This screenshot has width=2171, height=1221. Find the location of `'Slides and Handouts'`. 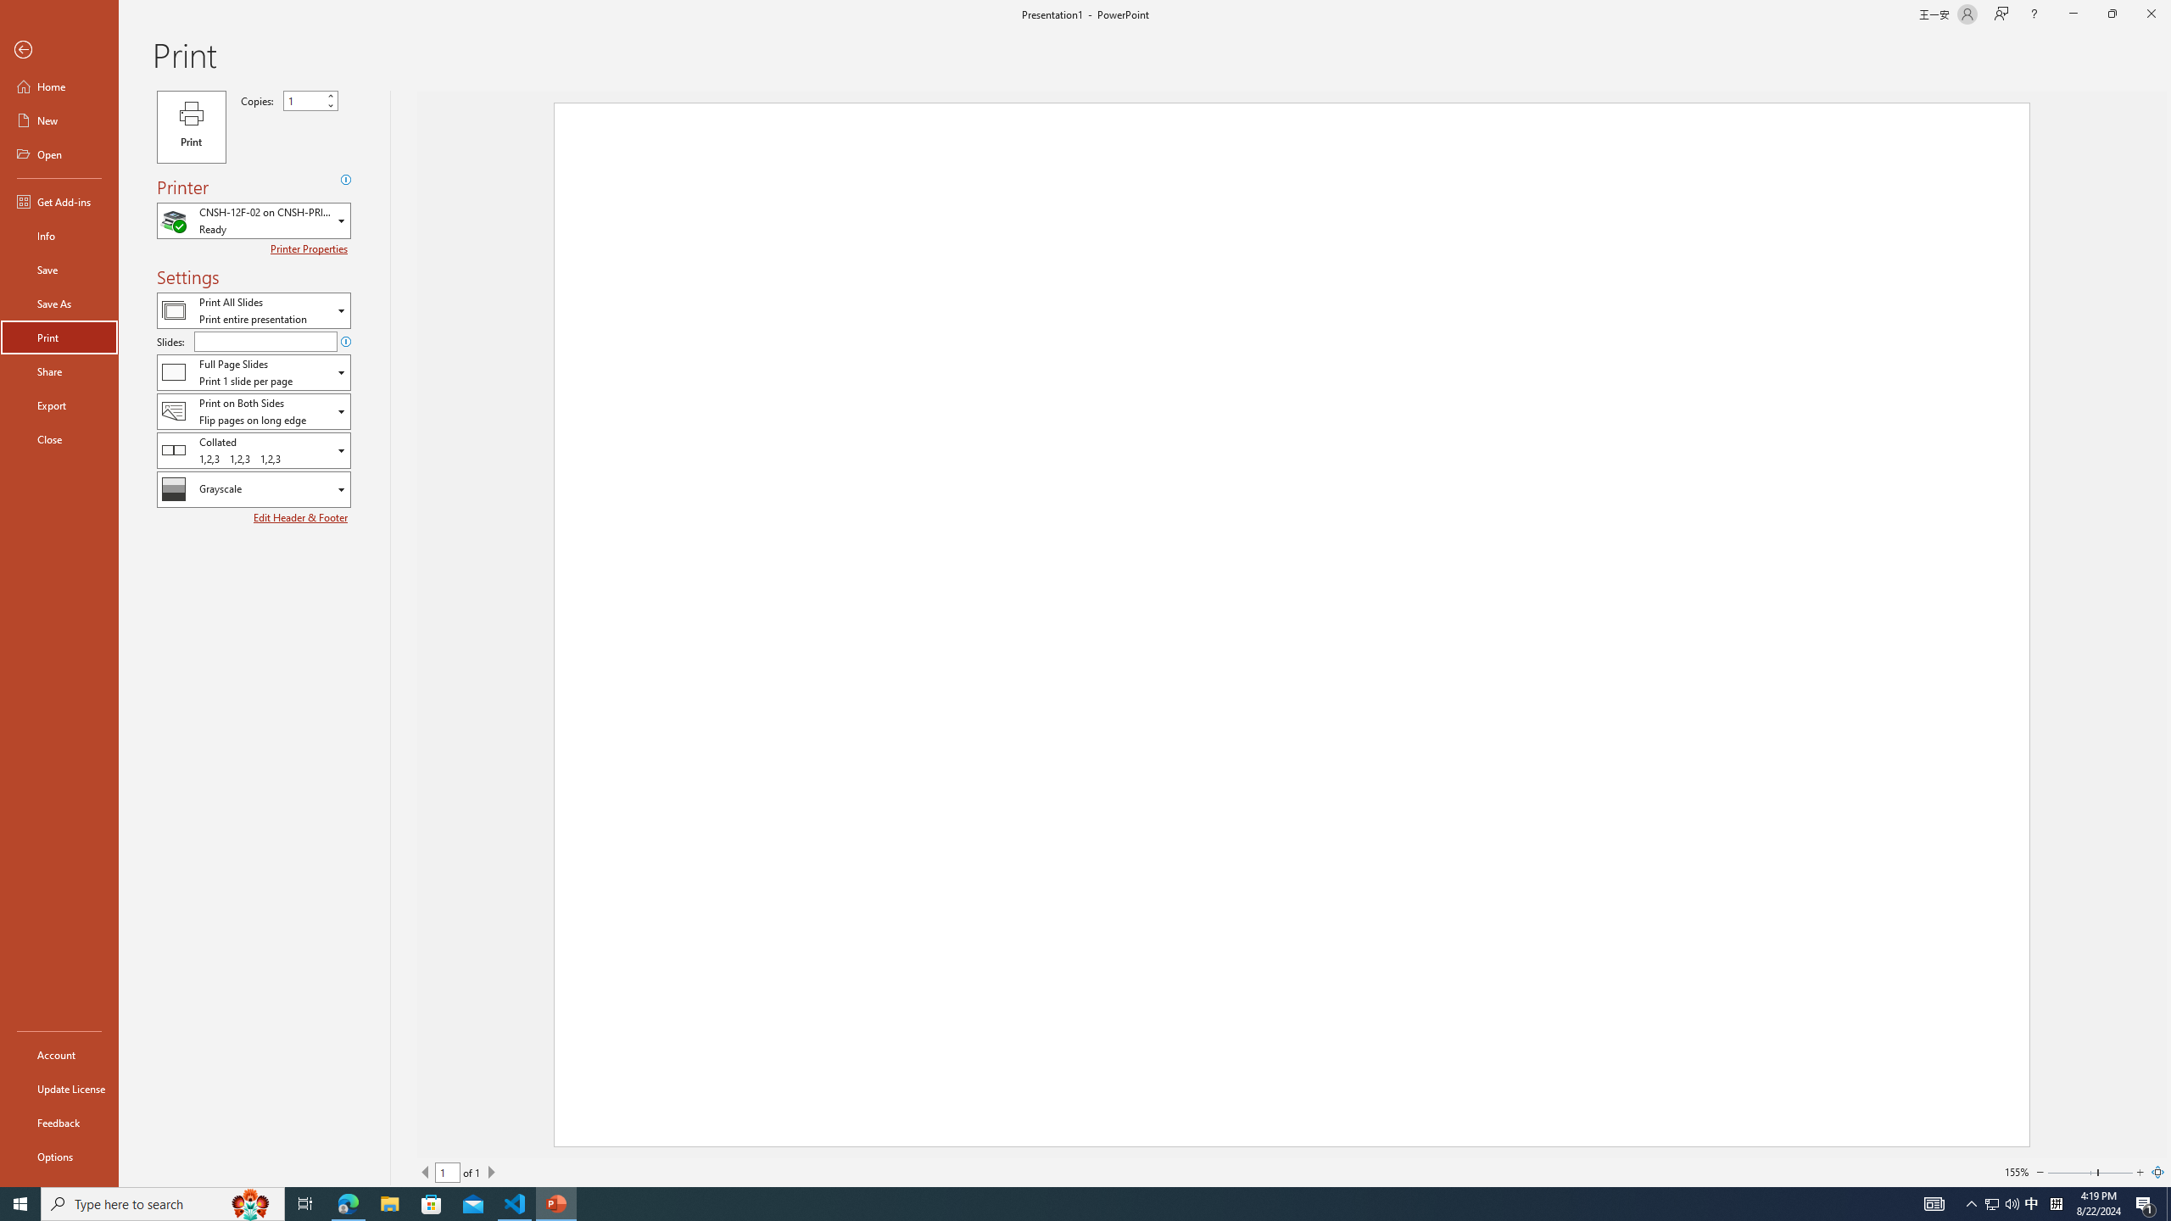

'Slides and Handouts' is located at coordinates (253, 371).